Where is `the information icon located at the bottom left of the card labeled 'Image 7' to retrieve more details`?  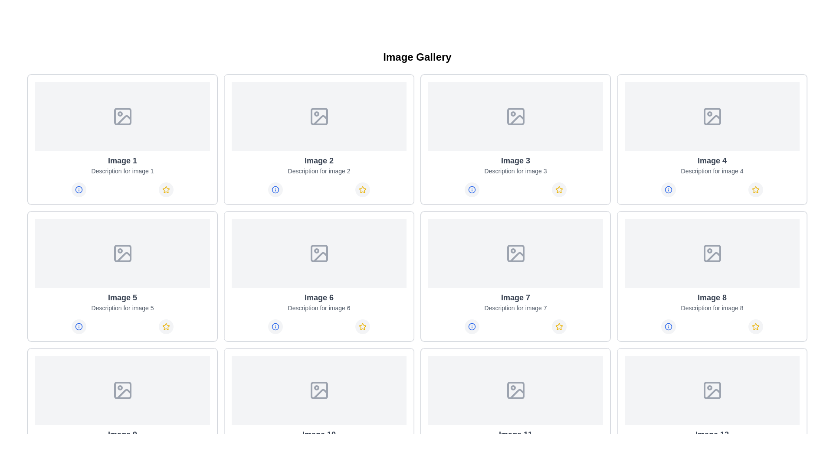 the information icon located at the bottom left of the card labeled 'Image 7' to retrieve more details is located at coordinates (471, 326).